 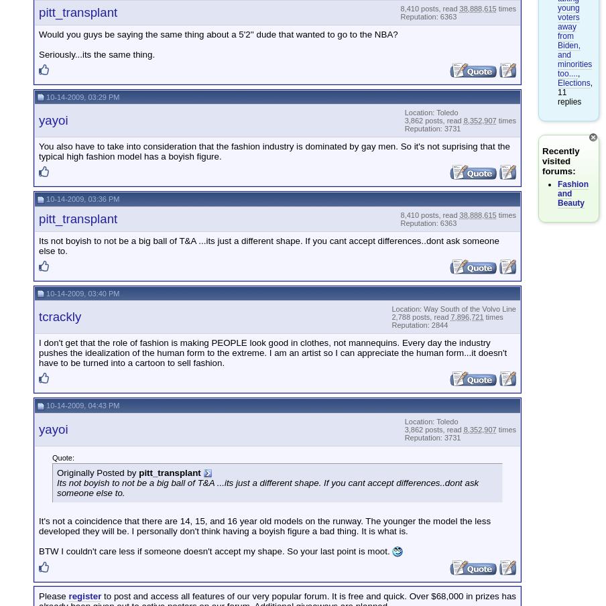 What do you see at coordinates (97, 471) in the screenshot?
I see `'Originally Posted by'` at bounding box center [97, 471].